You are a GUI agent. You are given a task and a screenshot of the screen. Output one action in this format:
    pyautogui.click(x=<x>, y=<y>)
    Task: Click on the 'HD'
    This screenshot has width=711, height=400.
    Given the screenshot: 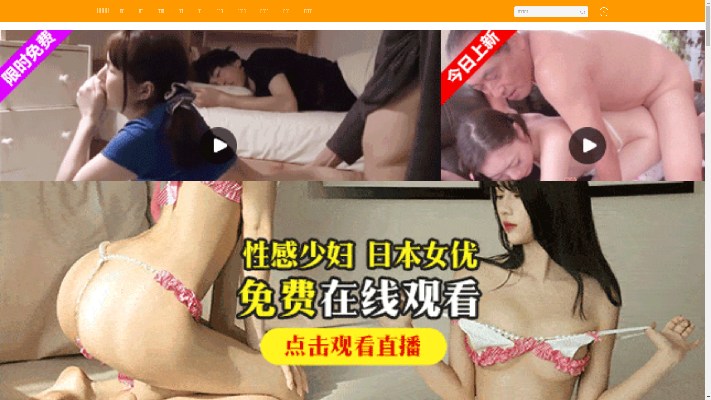 What is the action you would take?
    pyautogui.click(x=195, y=101)
    